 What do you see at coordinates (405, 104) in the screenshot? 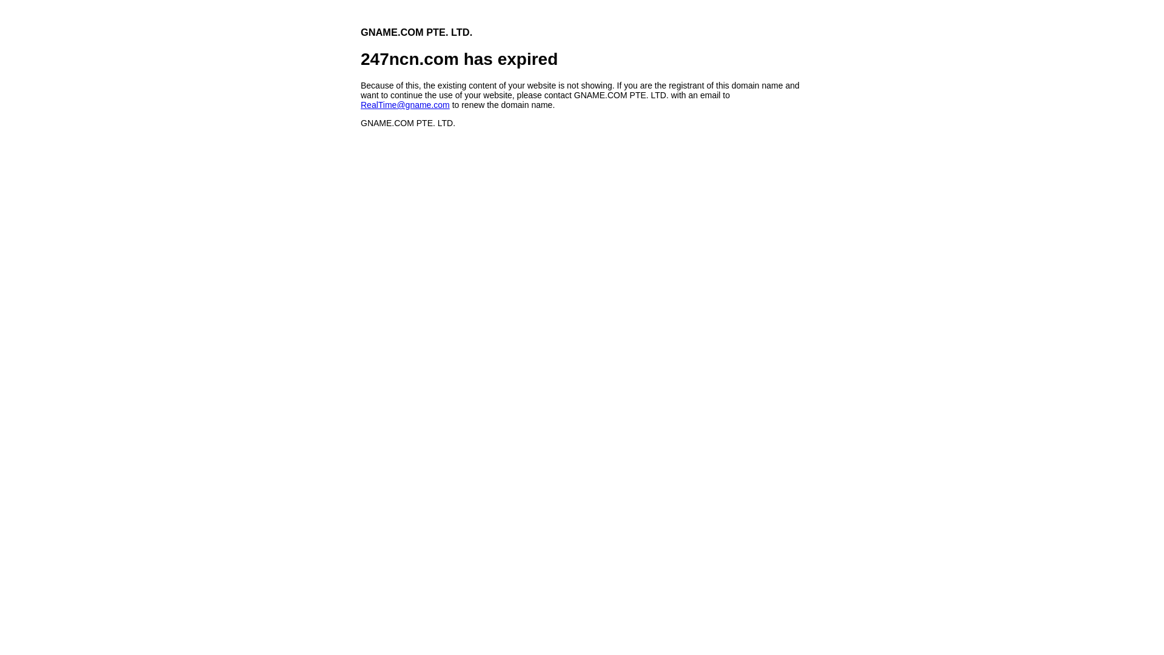
I see `'RealTime@gname.com'` at bounding box center [405, 104].